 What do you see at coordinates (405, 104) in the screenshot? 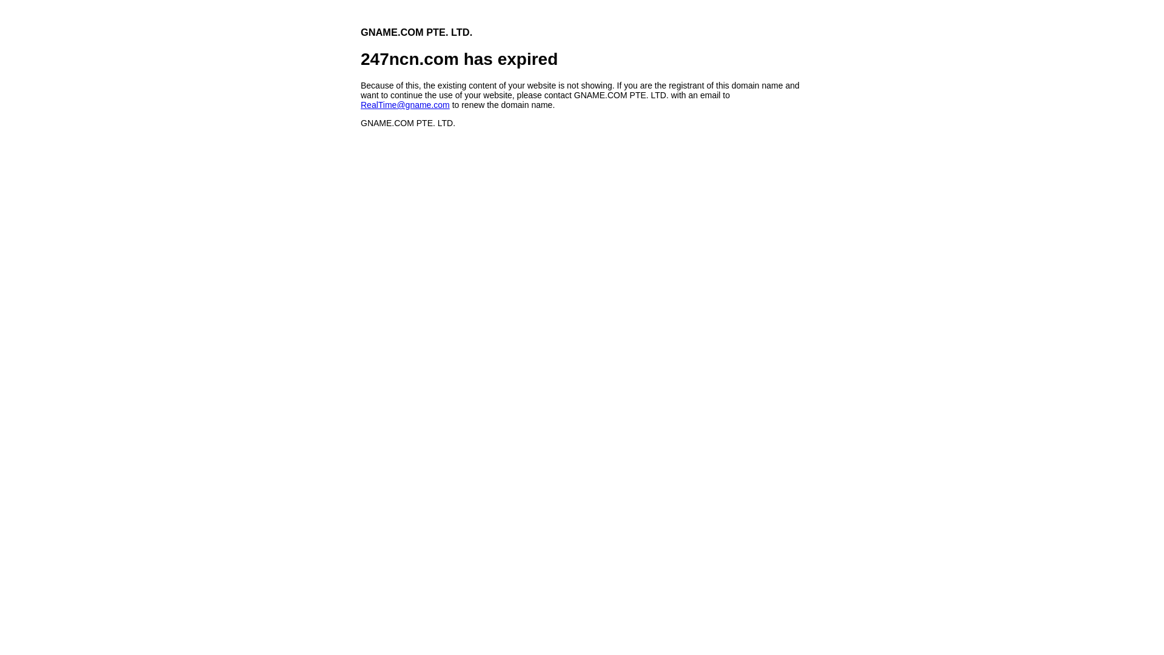
I see `'RealTime@gname.com'` at bounding box center [405, 104].